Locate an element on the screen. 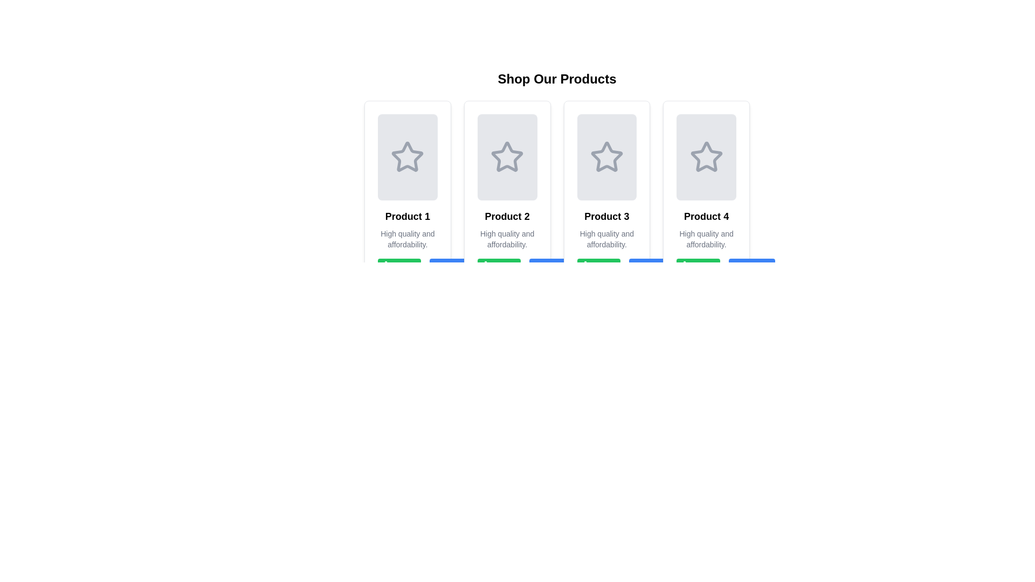 This screenshot has height=582, width=1035. properties of the 'add to cart' icon located on the left side of the 'Add' button under the 'Product 3' panel is located at coordinates (589, 267).